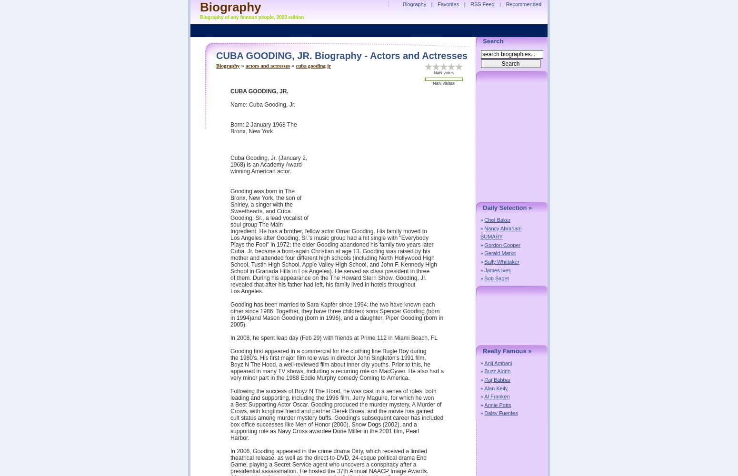 The height and width of the screenshot is (476, 738). What do you see at coordinates (335, 351) in the screenshot?
I see `'Gooding first appeared in a commercial for the clothing line Bugle Boy during'` at bounding box center [335, 351].